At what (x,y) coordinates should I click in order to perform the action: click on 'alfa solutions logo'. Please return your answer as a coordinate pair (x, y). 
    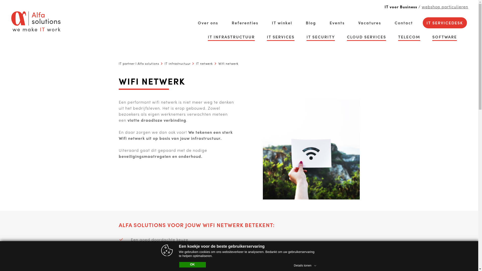
    Looking at the image, I should click on (36, 21).